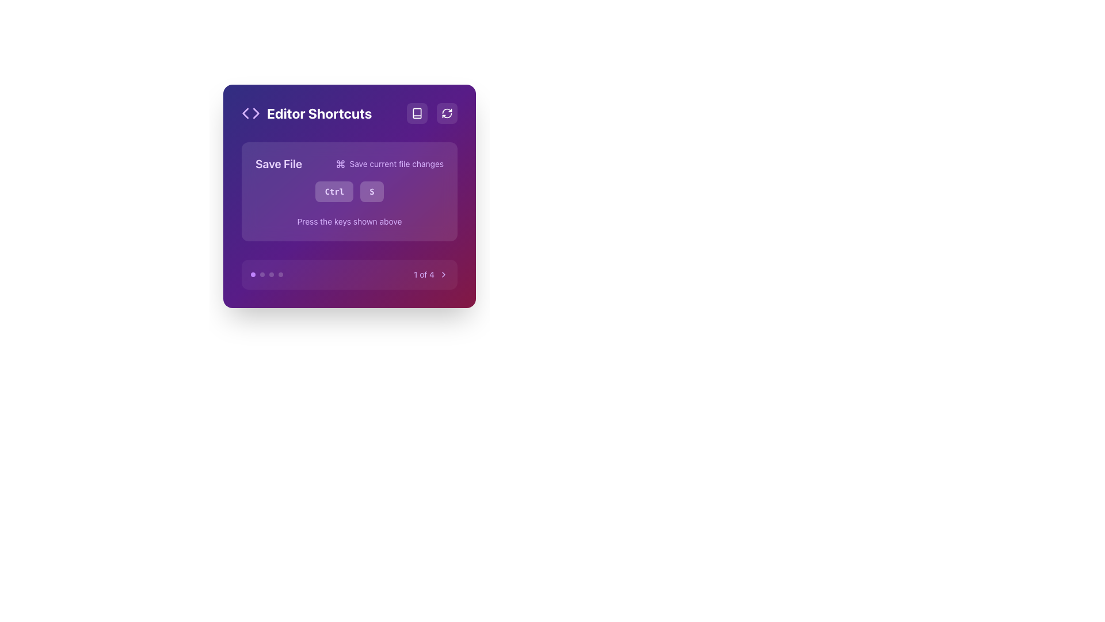  What do you see at coordinates (416, 113) in the screenshot?
I see `the square button with rounded corners that has a book icon, located in the top-right corner of the purple section, to observe a visual change` at bounding box center [416, 113].